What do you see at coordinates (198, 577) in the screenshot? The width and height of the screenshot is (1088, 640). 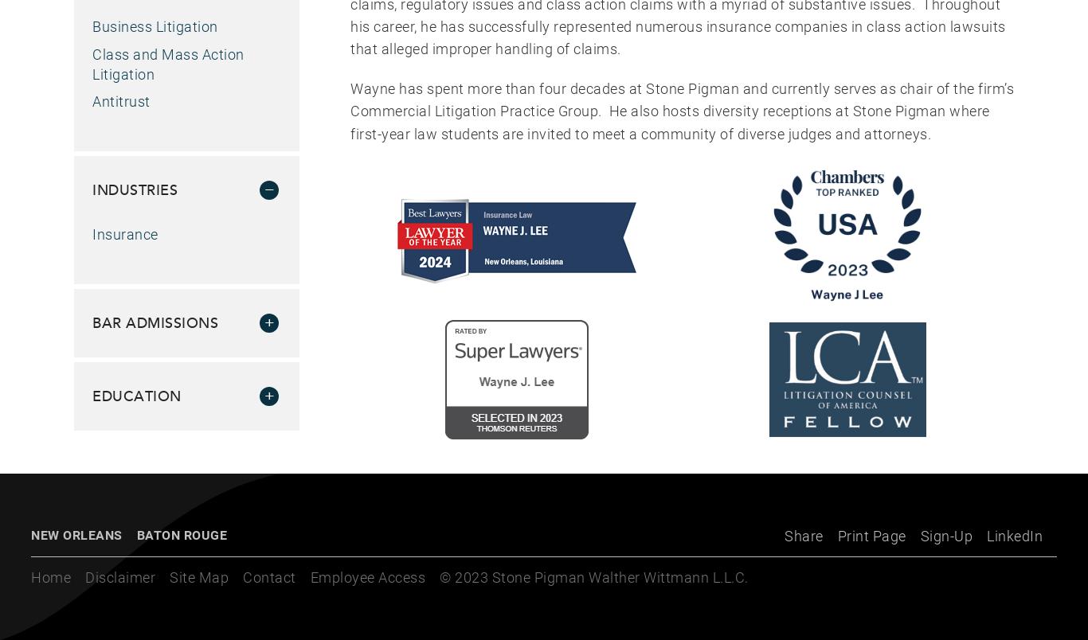 I see `'Site Map'` at bounding box center [198, 577].